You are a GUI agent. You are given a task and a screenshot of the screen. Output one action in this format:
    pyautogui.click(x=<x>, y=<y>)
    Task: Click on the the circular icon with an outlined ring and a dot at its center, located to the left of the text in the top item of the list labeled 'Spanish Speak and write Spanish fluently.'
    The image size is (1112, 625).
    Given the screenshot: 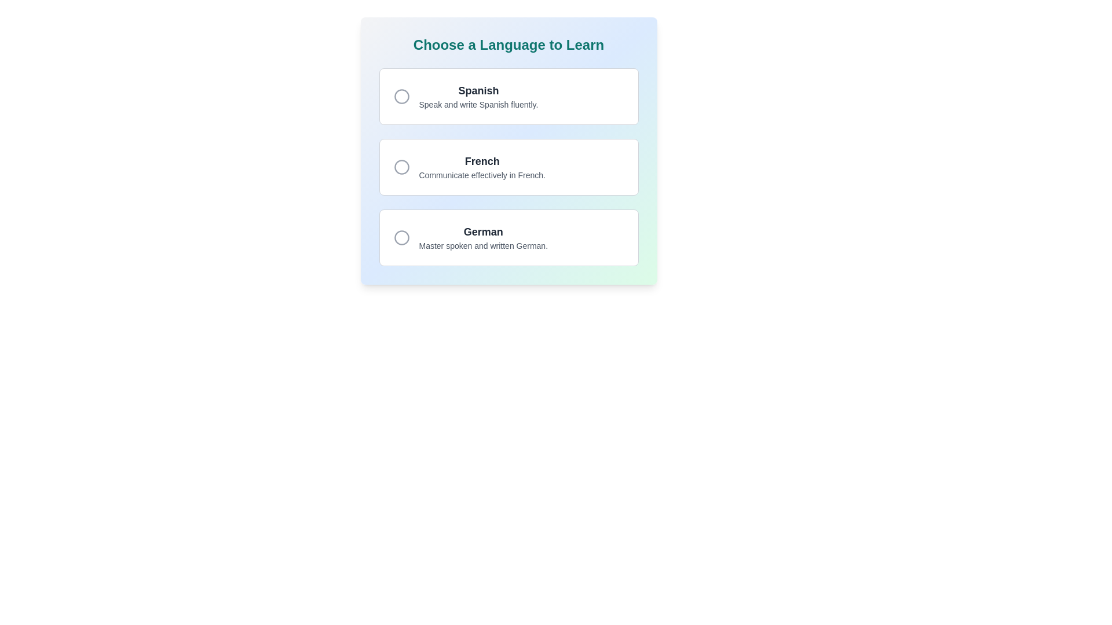 What is the action you would take?
    pyautogui.click(x=401, y=95)
    